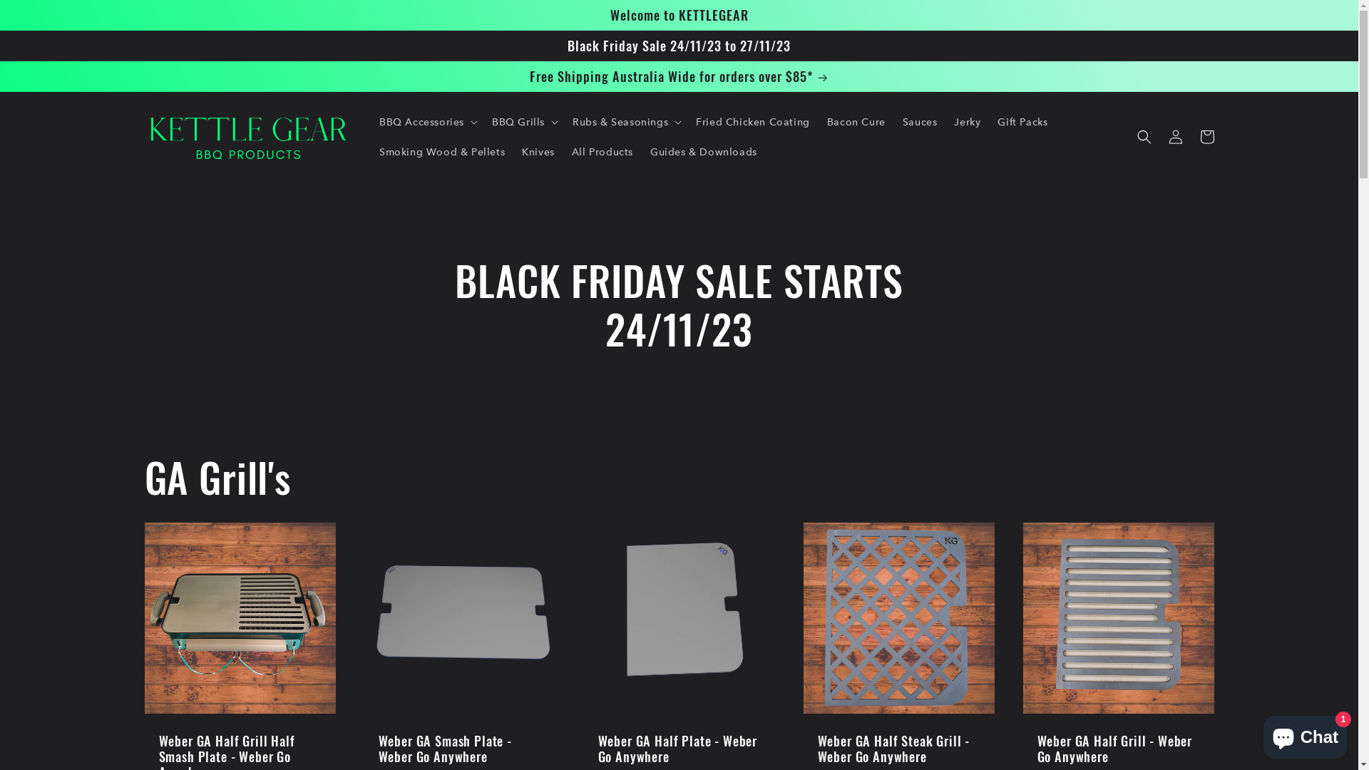 The height and width of the screenshot is (770, 1369). Describe the element at coordinates (537, 151) in the screenshot. I see `'Knives'` at that location.